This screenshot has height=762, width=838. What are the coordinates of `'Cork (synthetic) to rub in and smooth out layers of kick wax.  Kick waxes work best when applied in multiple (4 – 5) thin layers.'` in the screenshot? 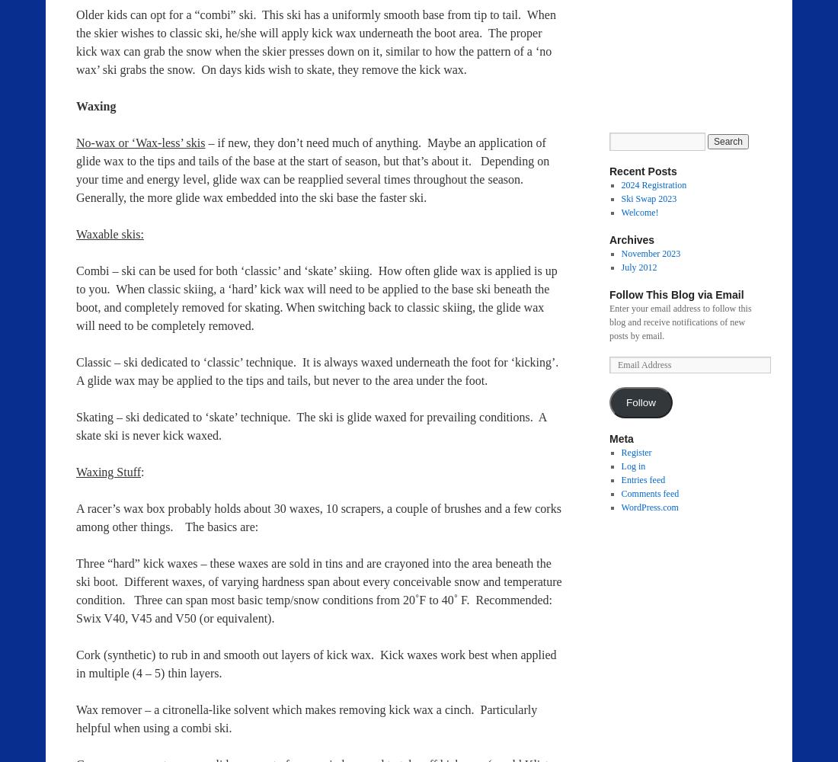 It's located at (315, 663).